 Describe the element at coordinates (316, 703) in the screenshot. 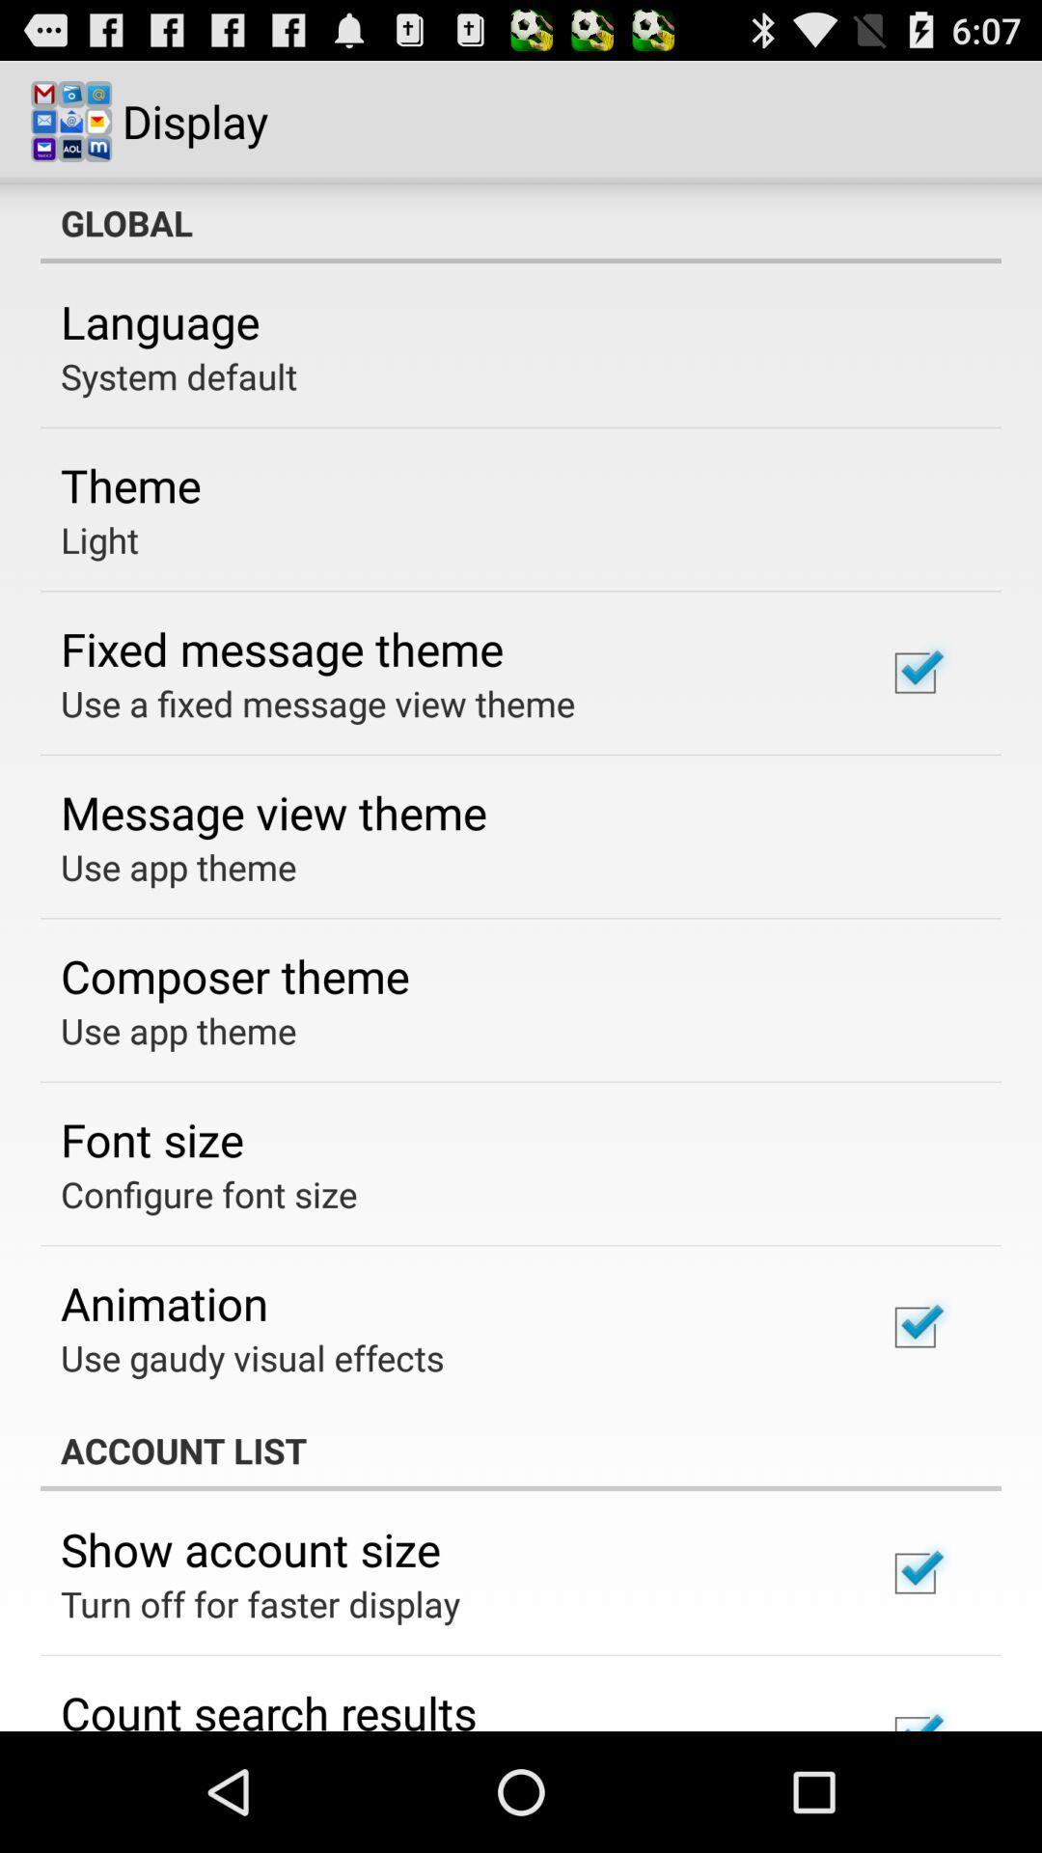

I see `use a fixed item` at that location.